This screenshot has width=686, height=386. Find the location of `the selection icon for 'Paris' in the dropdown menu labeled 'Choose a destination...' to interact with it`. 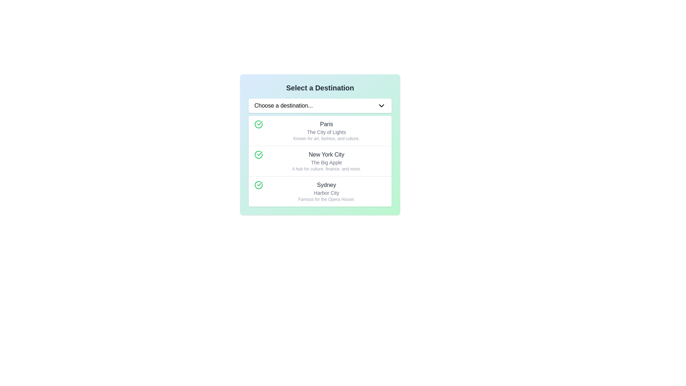

the selection icon for 'Paris' in the dropdown menu labeled 'Choose a destination...' to interact with it is located at coordinates (258, 124).